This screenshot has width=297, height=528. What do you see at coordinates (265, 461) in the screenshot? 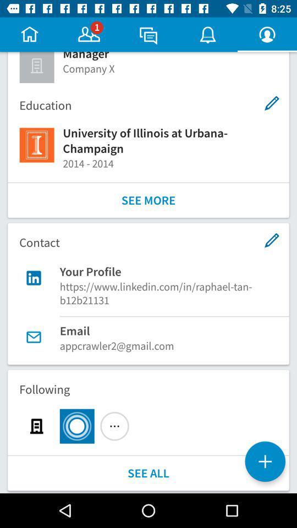
I see `the add icon` at bounding box center [265, 461].